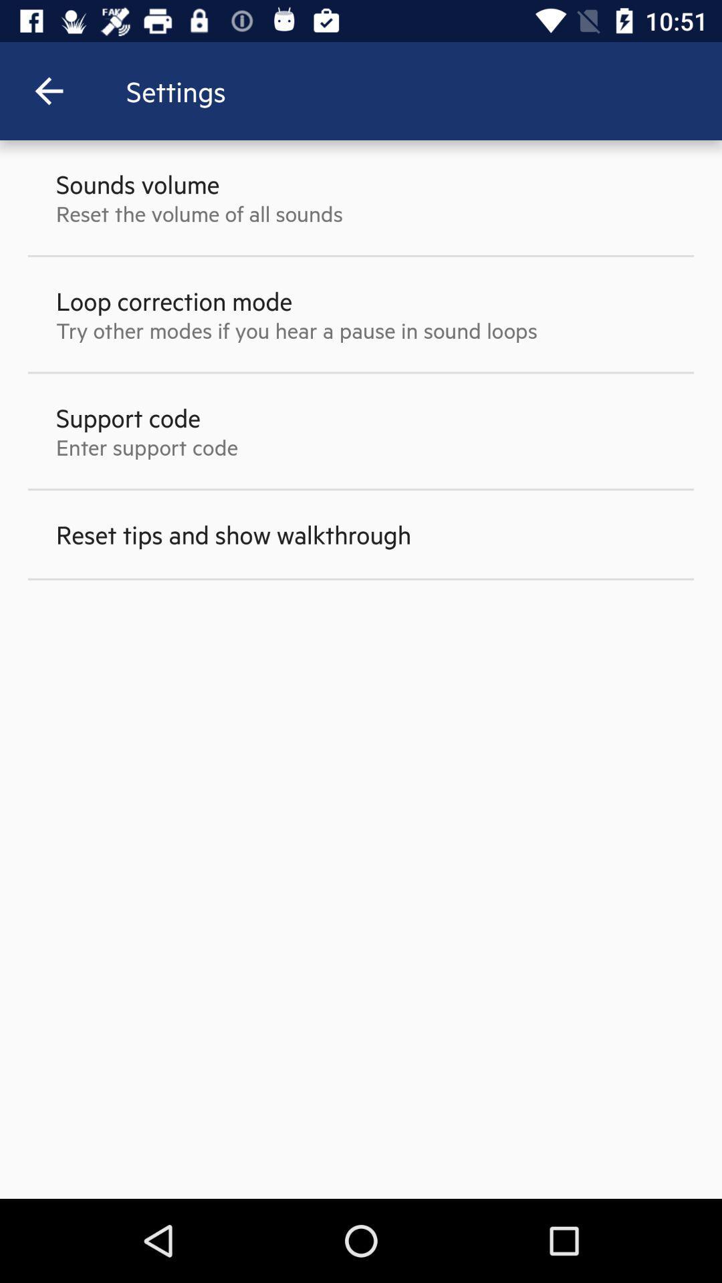  I want to click on try other modes, so click(295, 330).